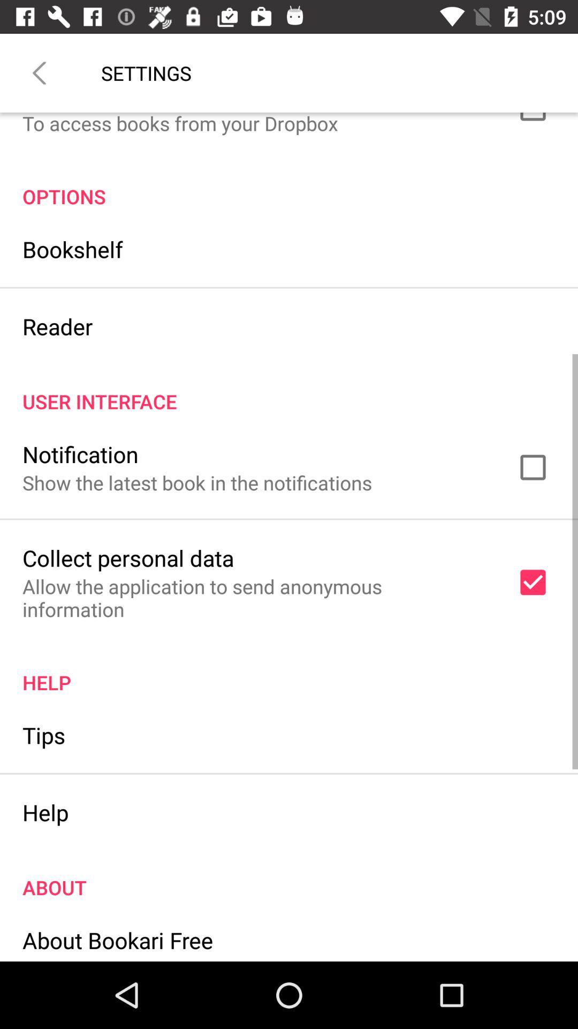 This screenshot has height=1029, width=578. What do you see at coordinates (289, 390) in the screenshot?
I see `the user interface` at bounding box center [289, 390].